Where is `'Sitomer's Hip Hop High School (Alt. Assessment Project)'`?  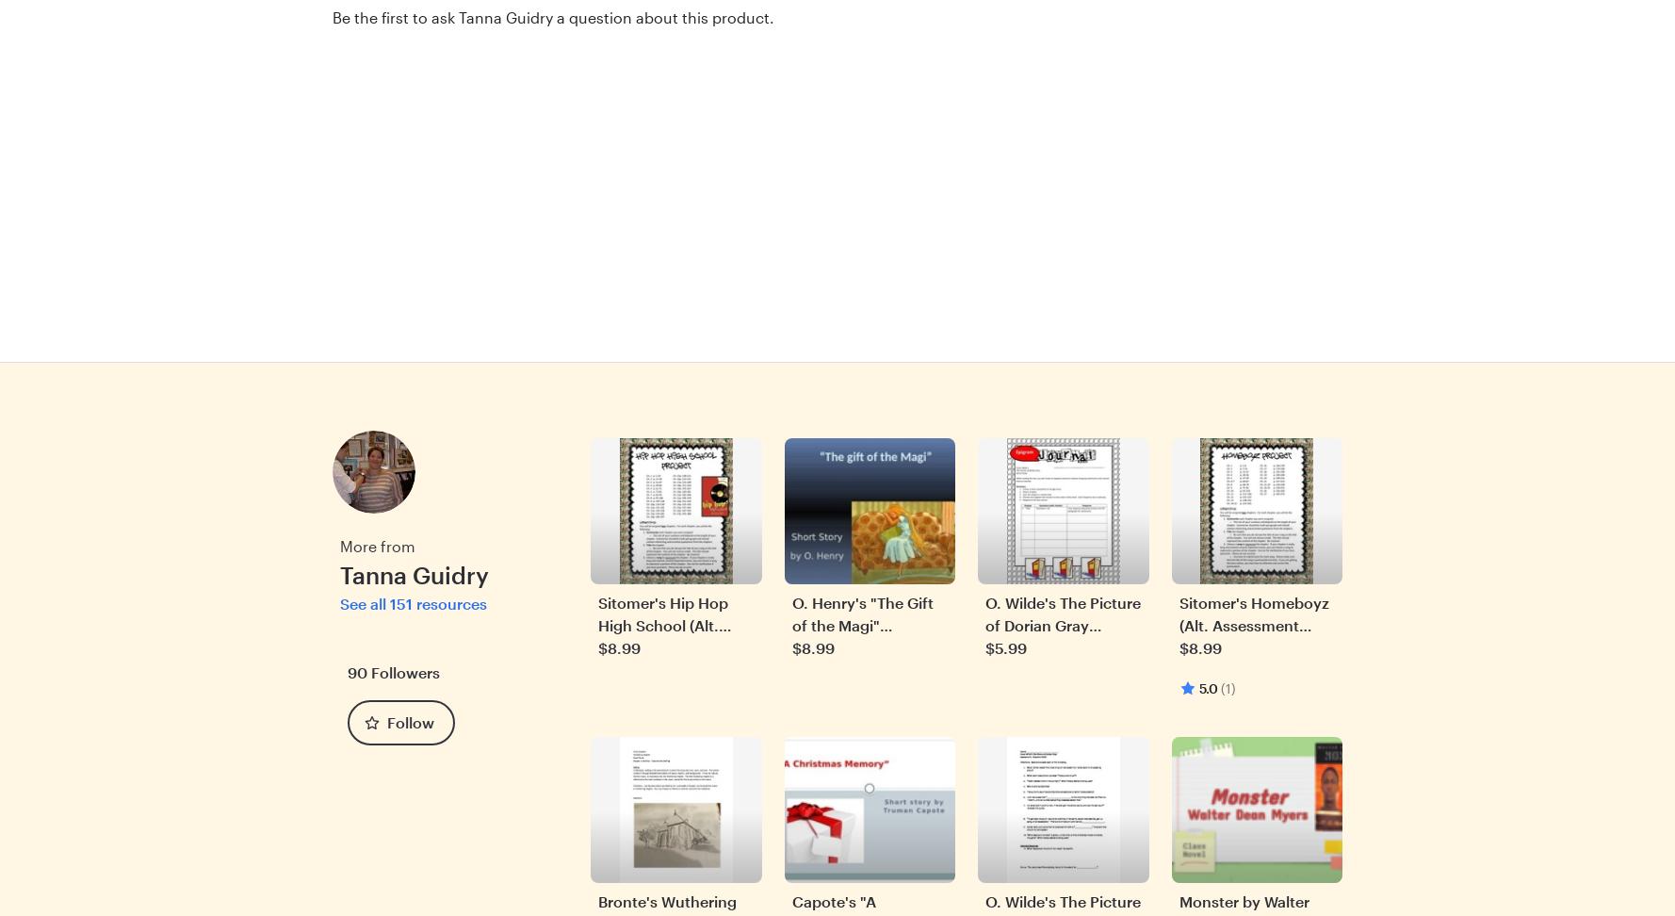 'Sitomer's Hip Hop High School (Alt. Assessment Project)' is located at coordinates (670, 624).